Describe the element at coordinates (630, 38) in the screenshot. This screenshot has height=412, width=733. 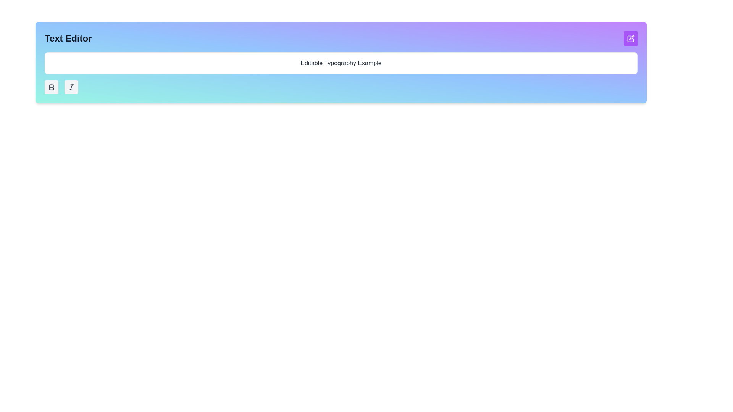
I see `the edit icon button located in the top-right corner of the purple rectangular area to initiate editing mode` at that location.